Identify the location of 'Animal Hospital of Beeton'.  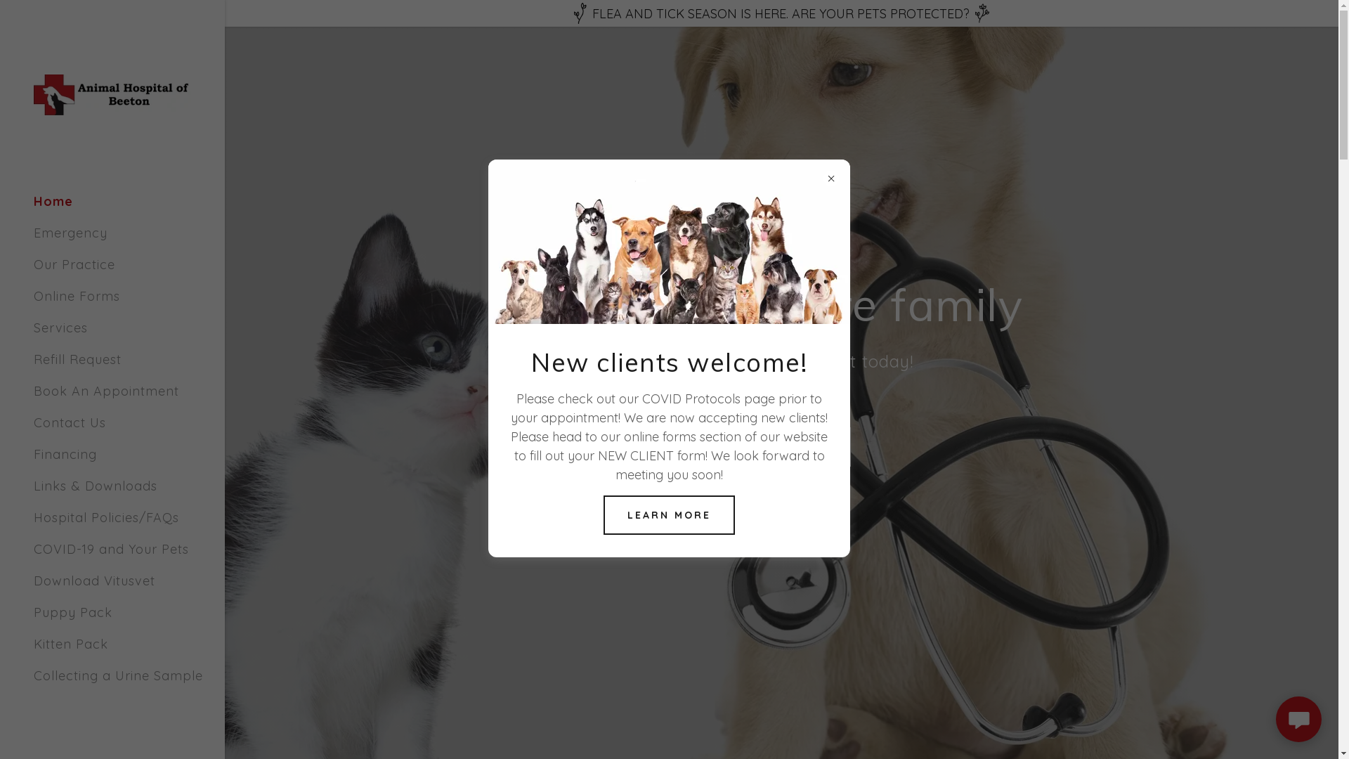
(111, 93).